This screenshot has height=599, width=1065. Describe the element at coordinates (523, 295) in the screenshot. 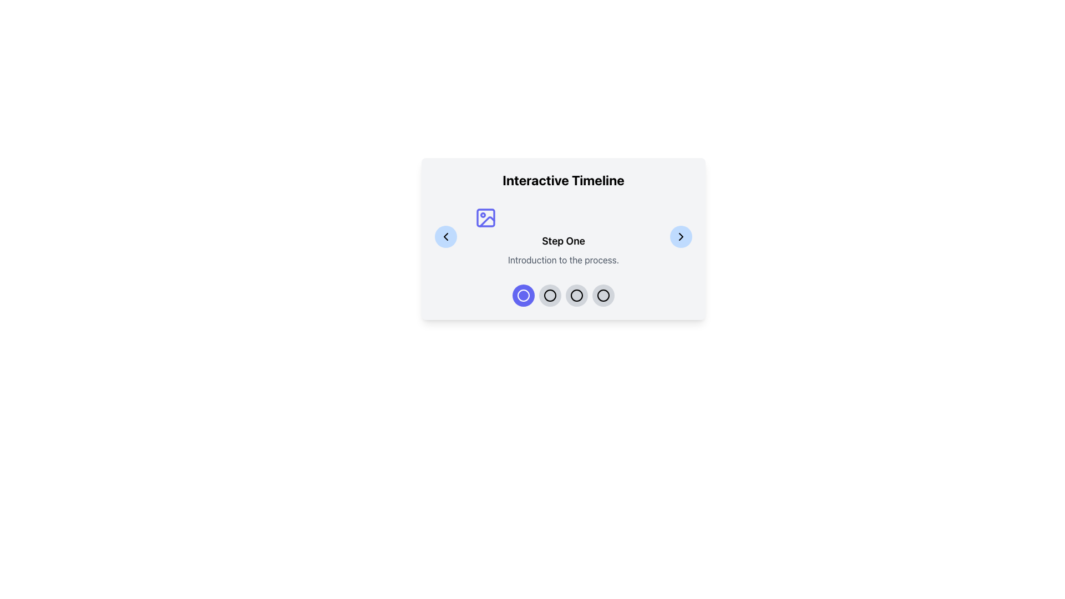

I see `the prominent circular button with a blue background and white border, which is the first button from the left in a horizontal row` at that location.